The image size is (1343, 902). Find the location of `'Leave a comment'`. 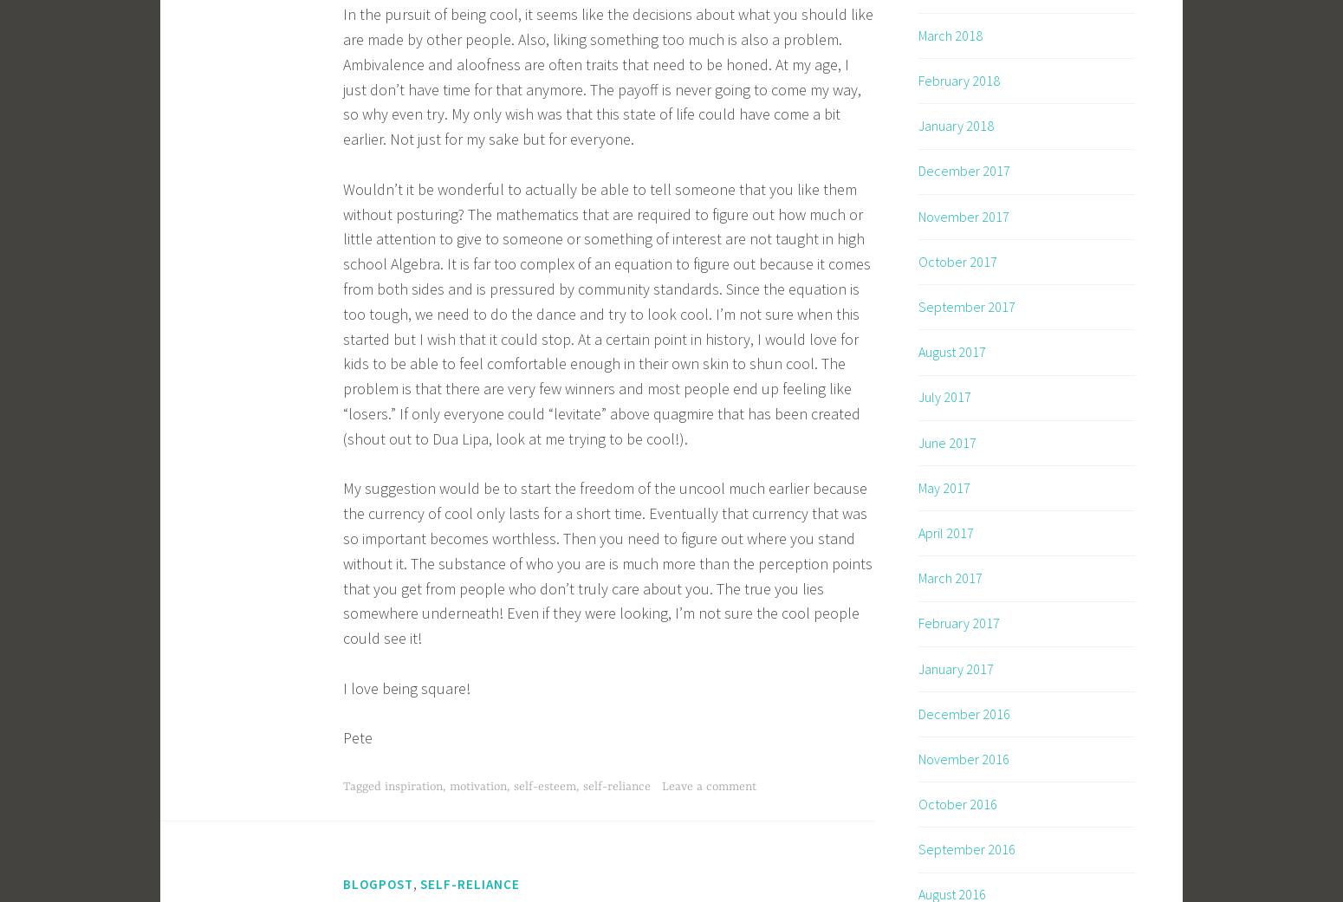

'Leave a comment' is located at coordinates (707, 785).